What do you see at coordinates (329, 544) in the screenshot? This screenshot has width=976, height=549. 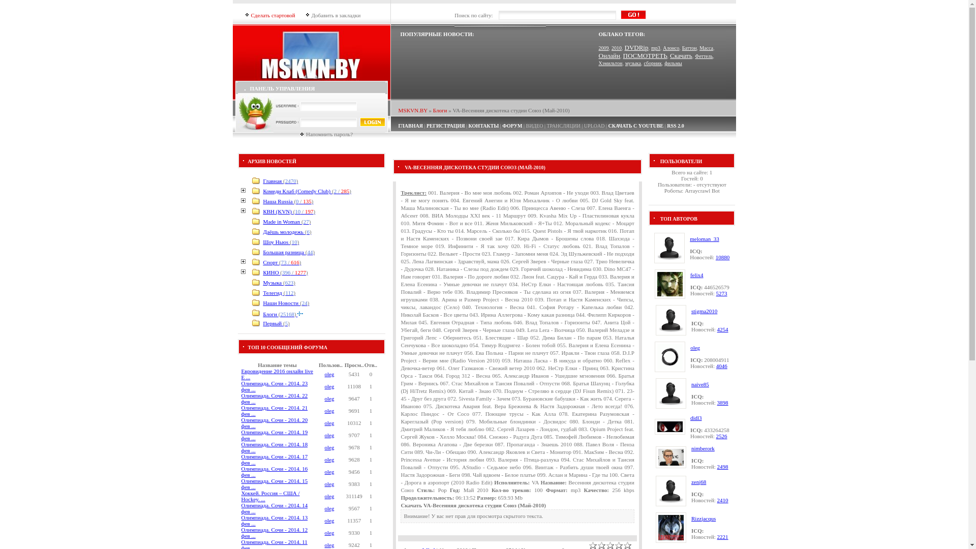 I see `'oleg'` at bounding box center [329, 544].